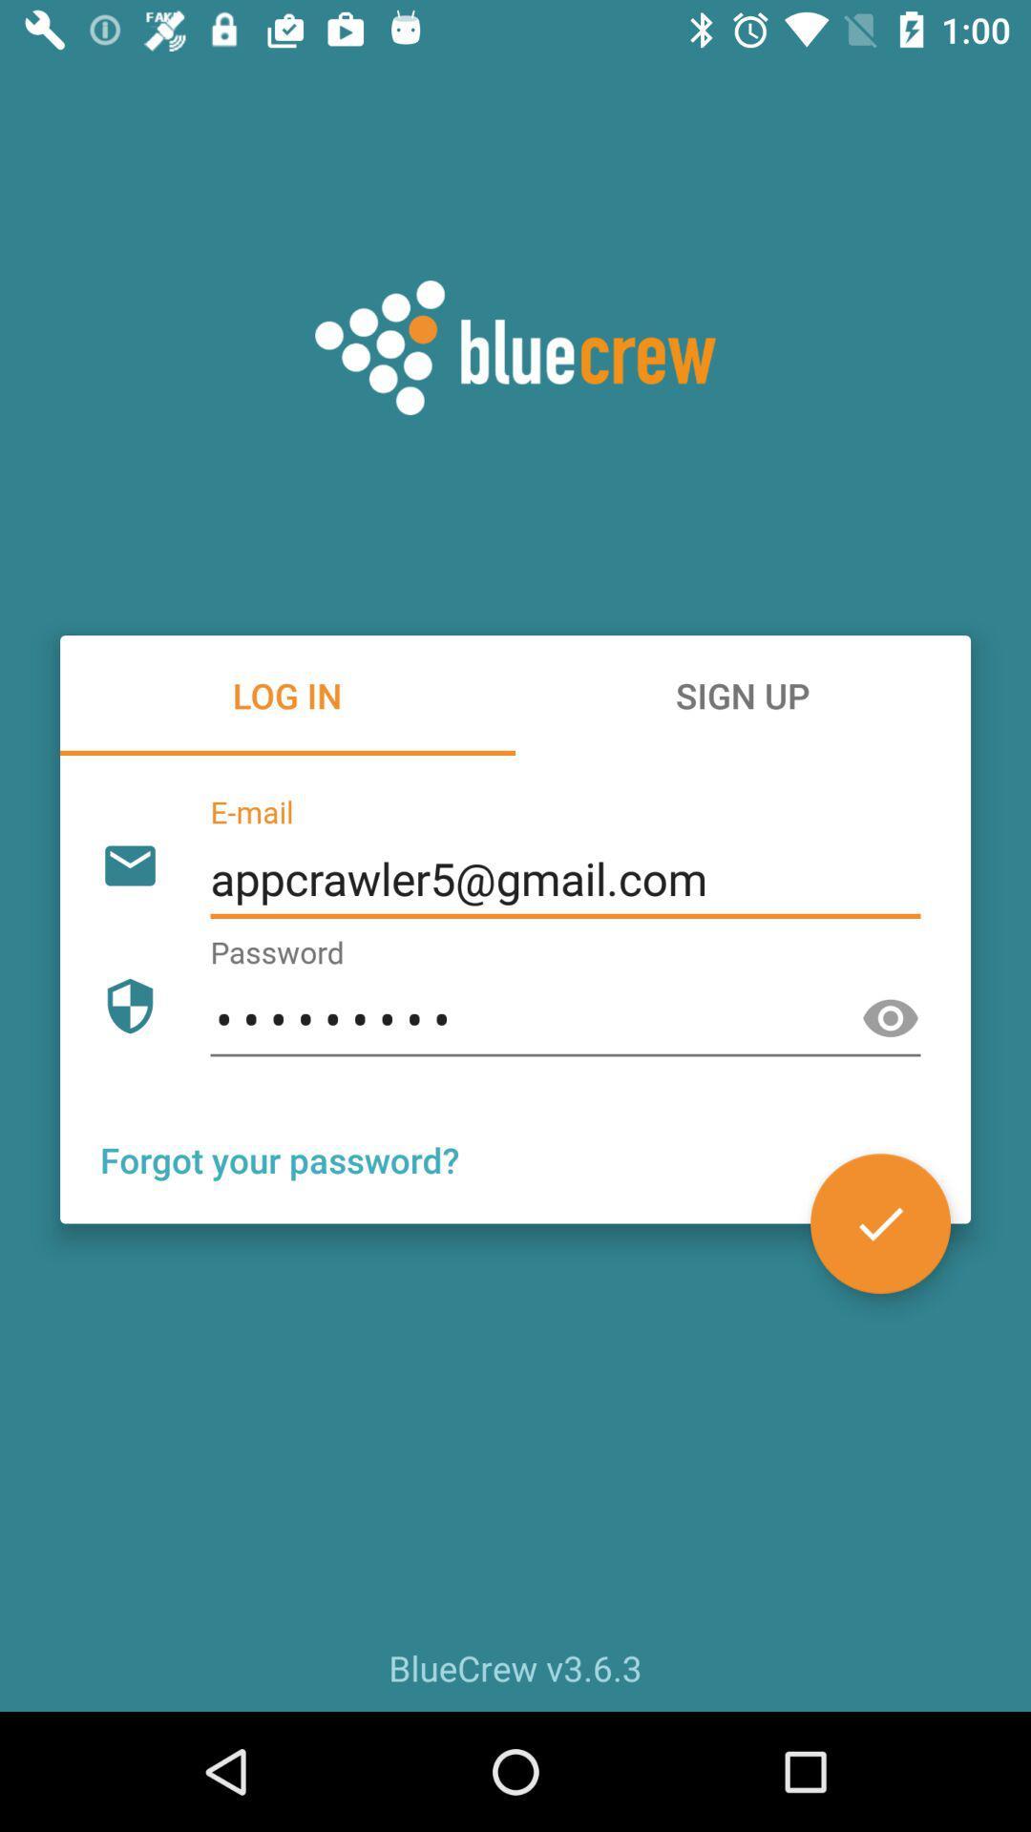 The image size is (1031, 1832). What do you see at coordinates (891, 1018) in the screenshot?
I see `hide pasword` at bounding box center [891, 1018].